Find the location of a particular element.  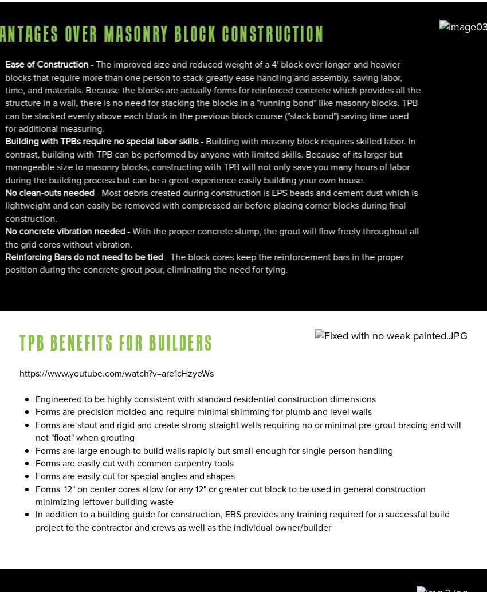

'Forms are precision molded and require minimal shimming for plumb and level walls' is located at coordinates (203, 411).